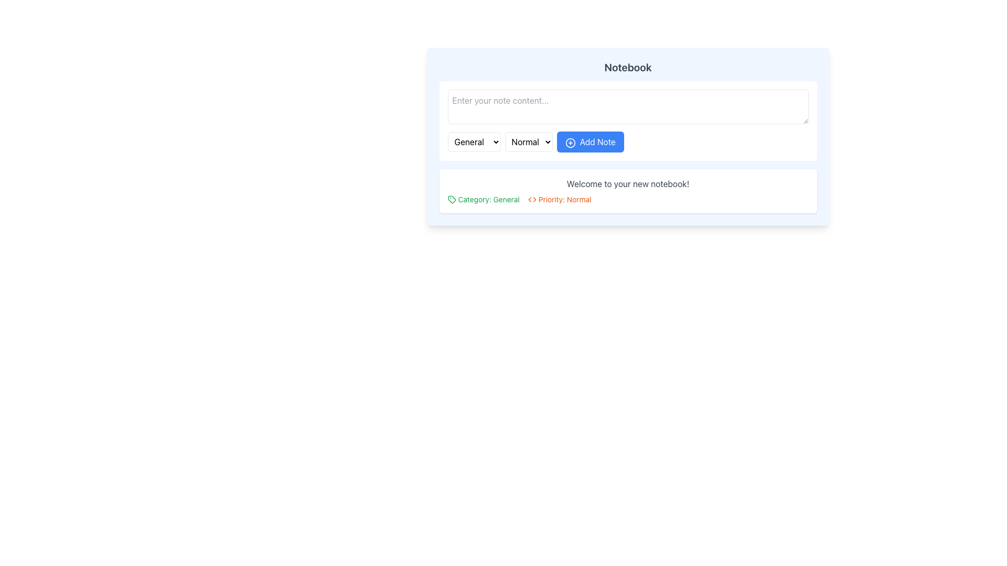 The height and width of the screenshot is (566, 1007). Describe the element at coordinates (483, 200) in the screenshot. I see `text content of the label element which consists of a green tag icon and the text 'Category: General'` at that location.